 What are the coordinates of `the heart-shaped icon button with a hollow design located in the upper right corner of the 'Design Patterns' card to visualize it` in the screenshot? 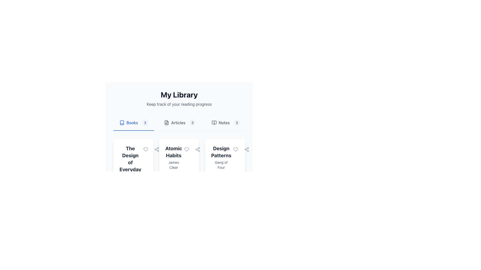 It's located at (235, 149).